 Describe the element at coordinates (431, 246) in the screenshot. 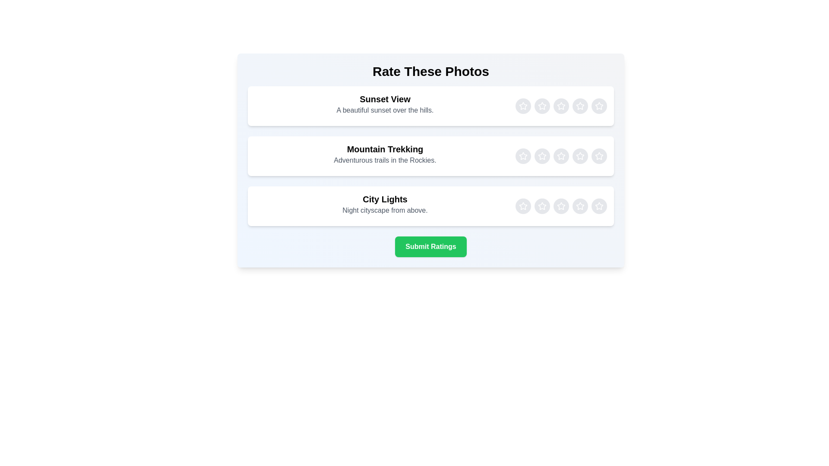

I see `the 'Submit Ratings' button to submit the ratings` at that location.